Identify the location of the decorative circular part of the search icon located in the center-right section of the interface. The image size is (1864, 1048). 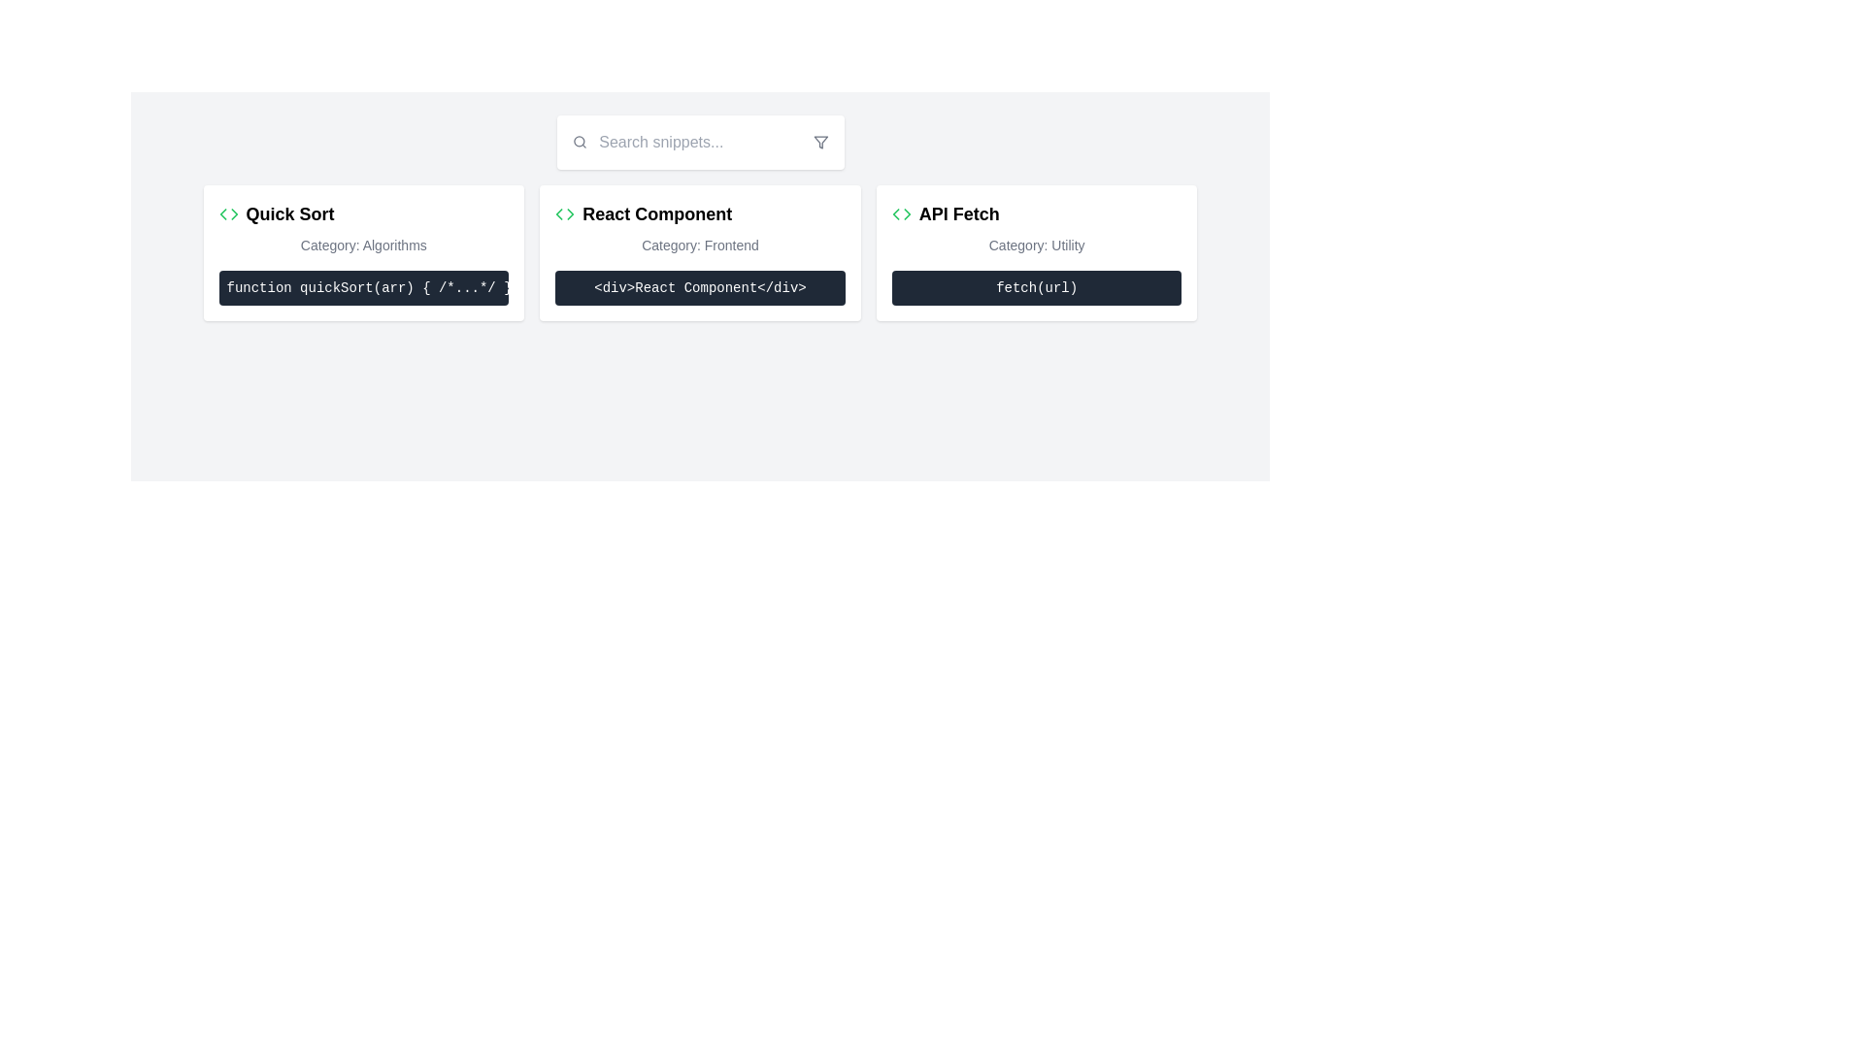
(578, 141).